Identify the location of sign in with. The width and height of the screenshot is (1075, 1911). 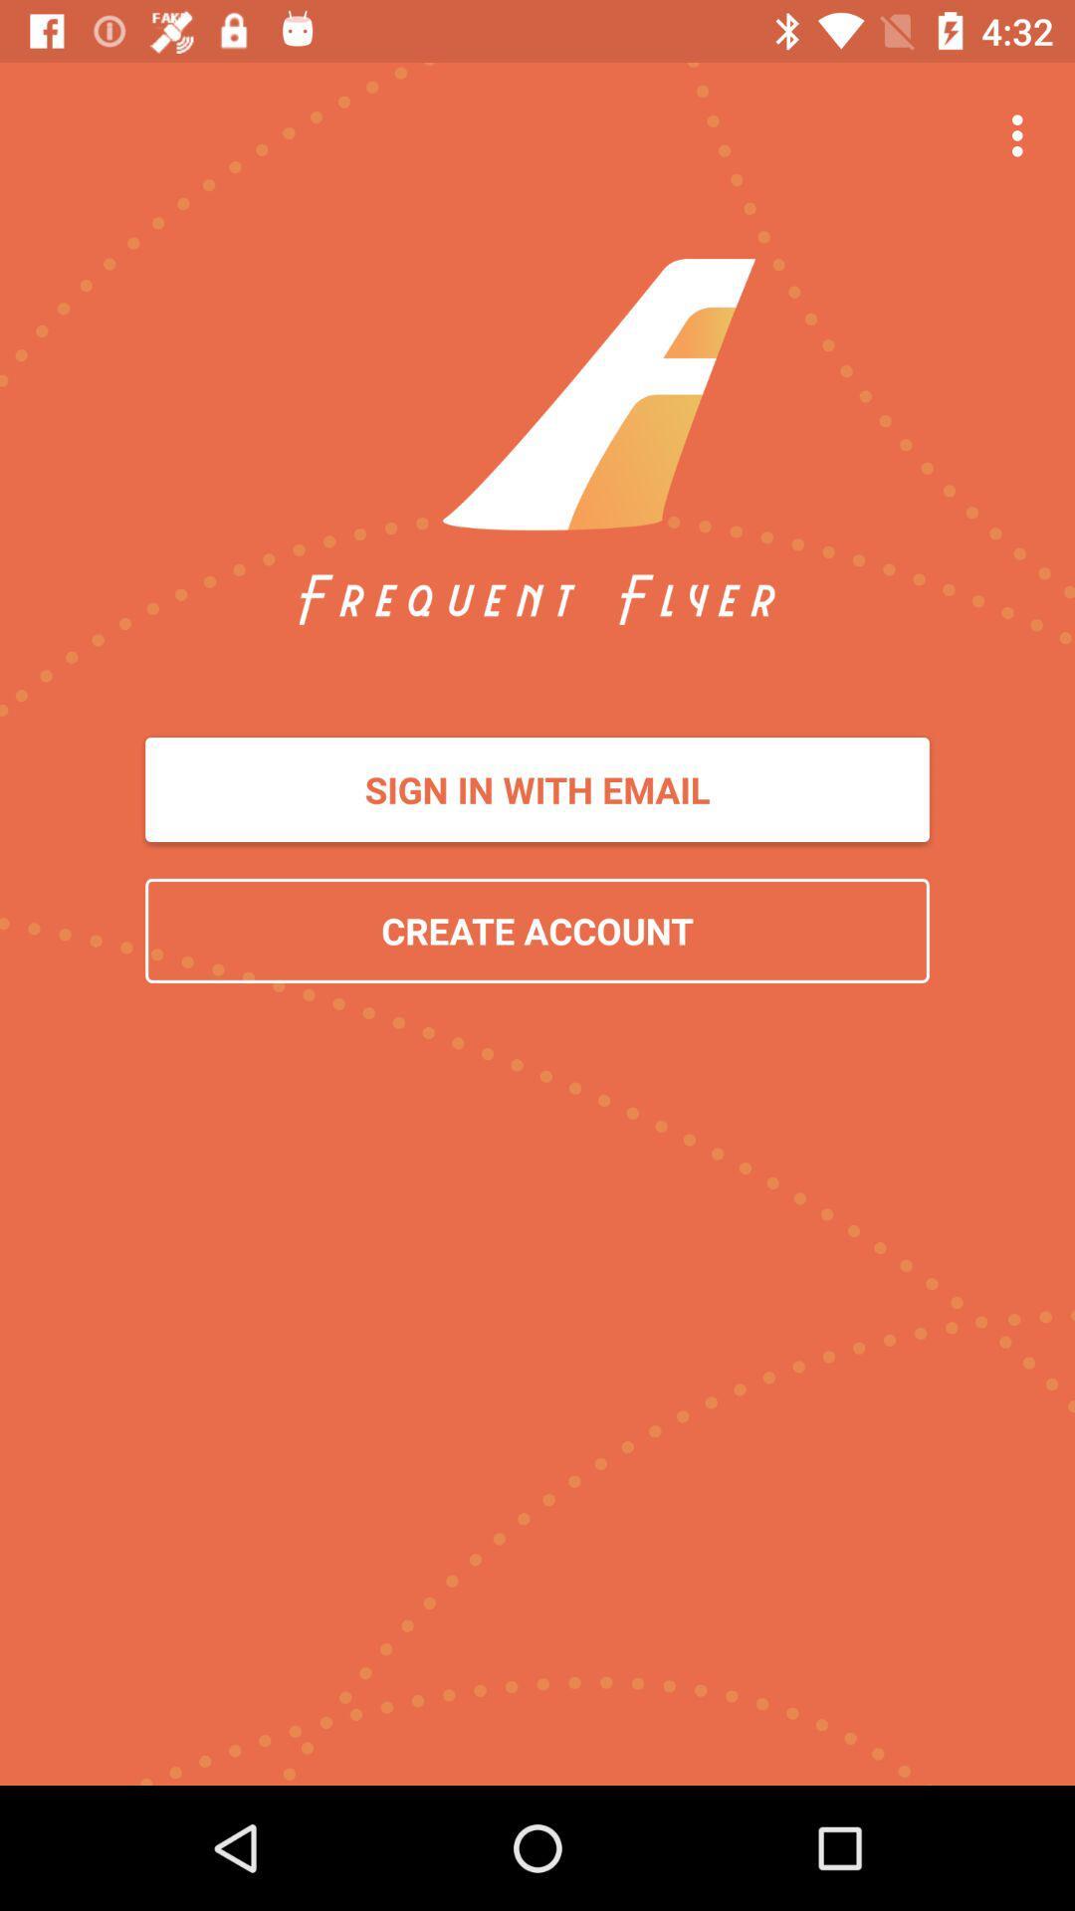
(537, 788).